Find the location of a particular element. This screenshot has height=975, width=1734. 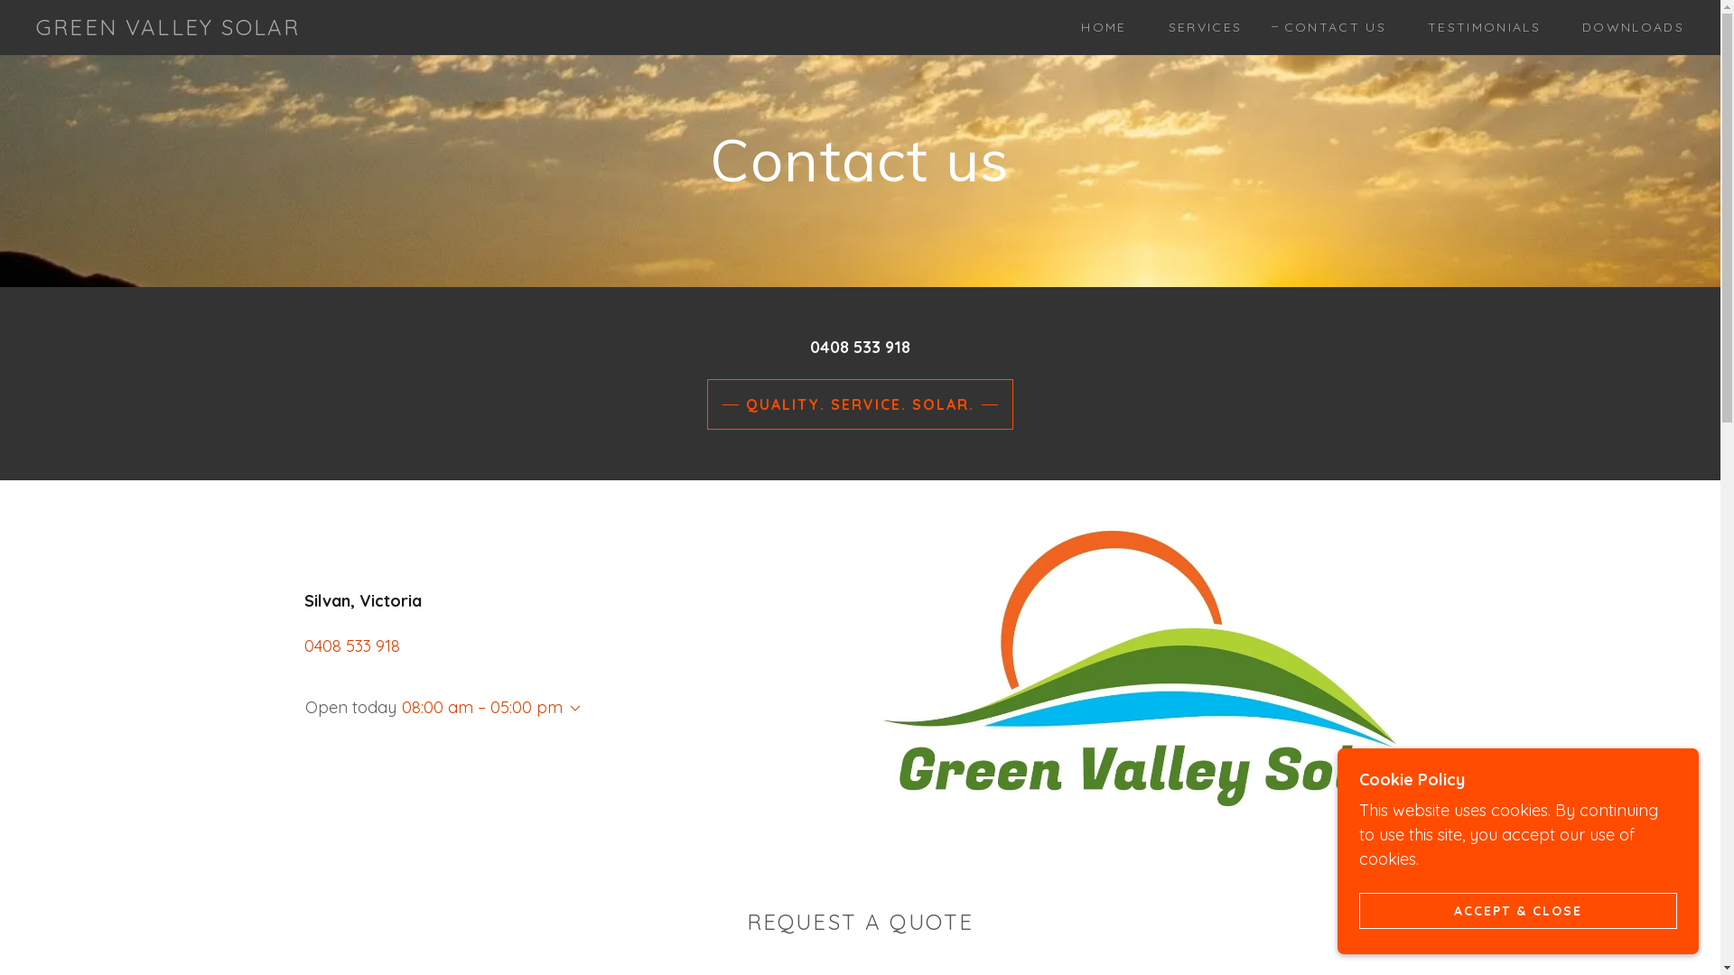

'HOME' is located at coordinates (1095, 27).